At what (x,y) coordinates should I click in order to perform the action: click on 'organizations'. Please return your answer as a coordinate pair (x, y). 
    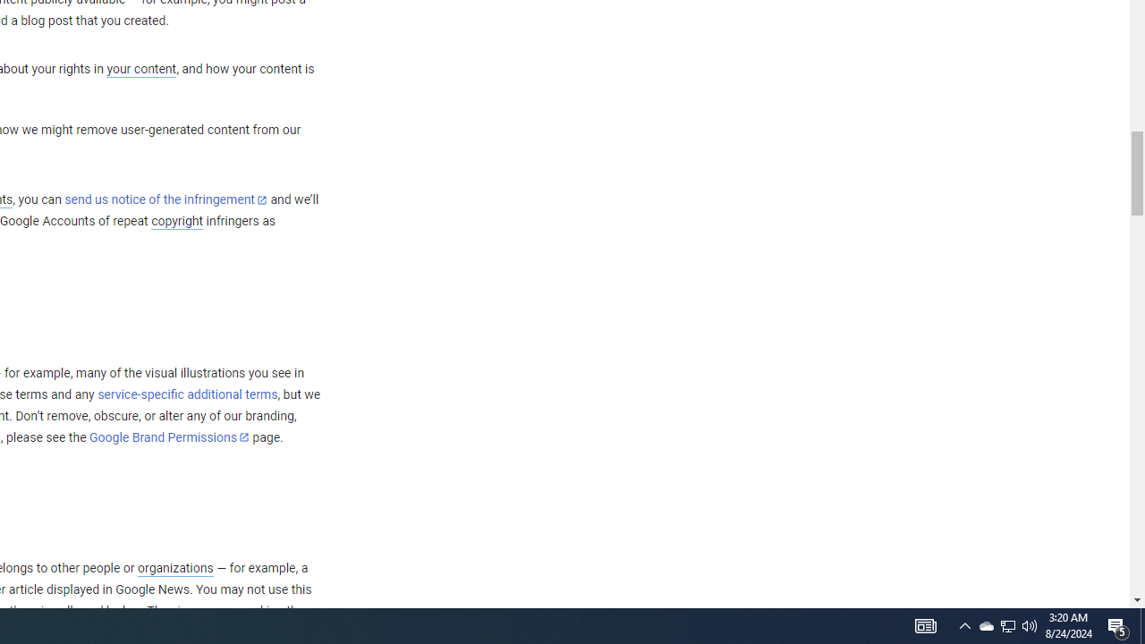
    Looking at the image, I should click on (175, 568).